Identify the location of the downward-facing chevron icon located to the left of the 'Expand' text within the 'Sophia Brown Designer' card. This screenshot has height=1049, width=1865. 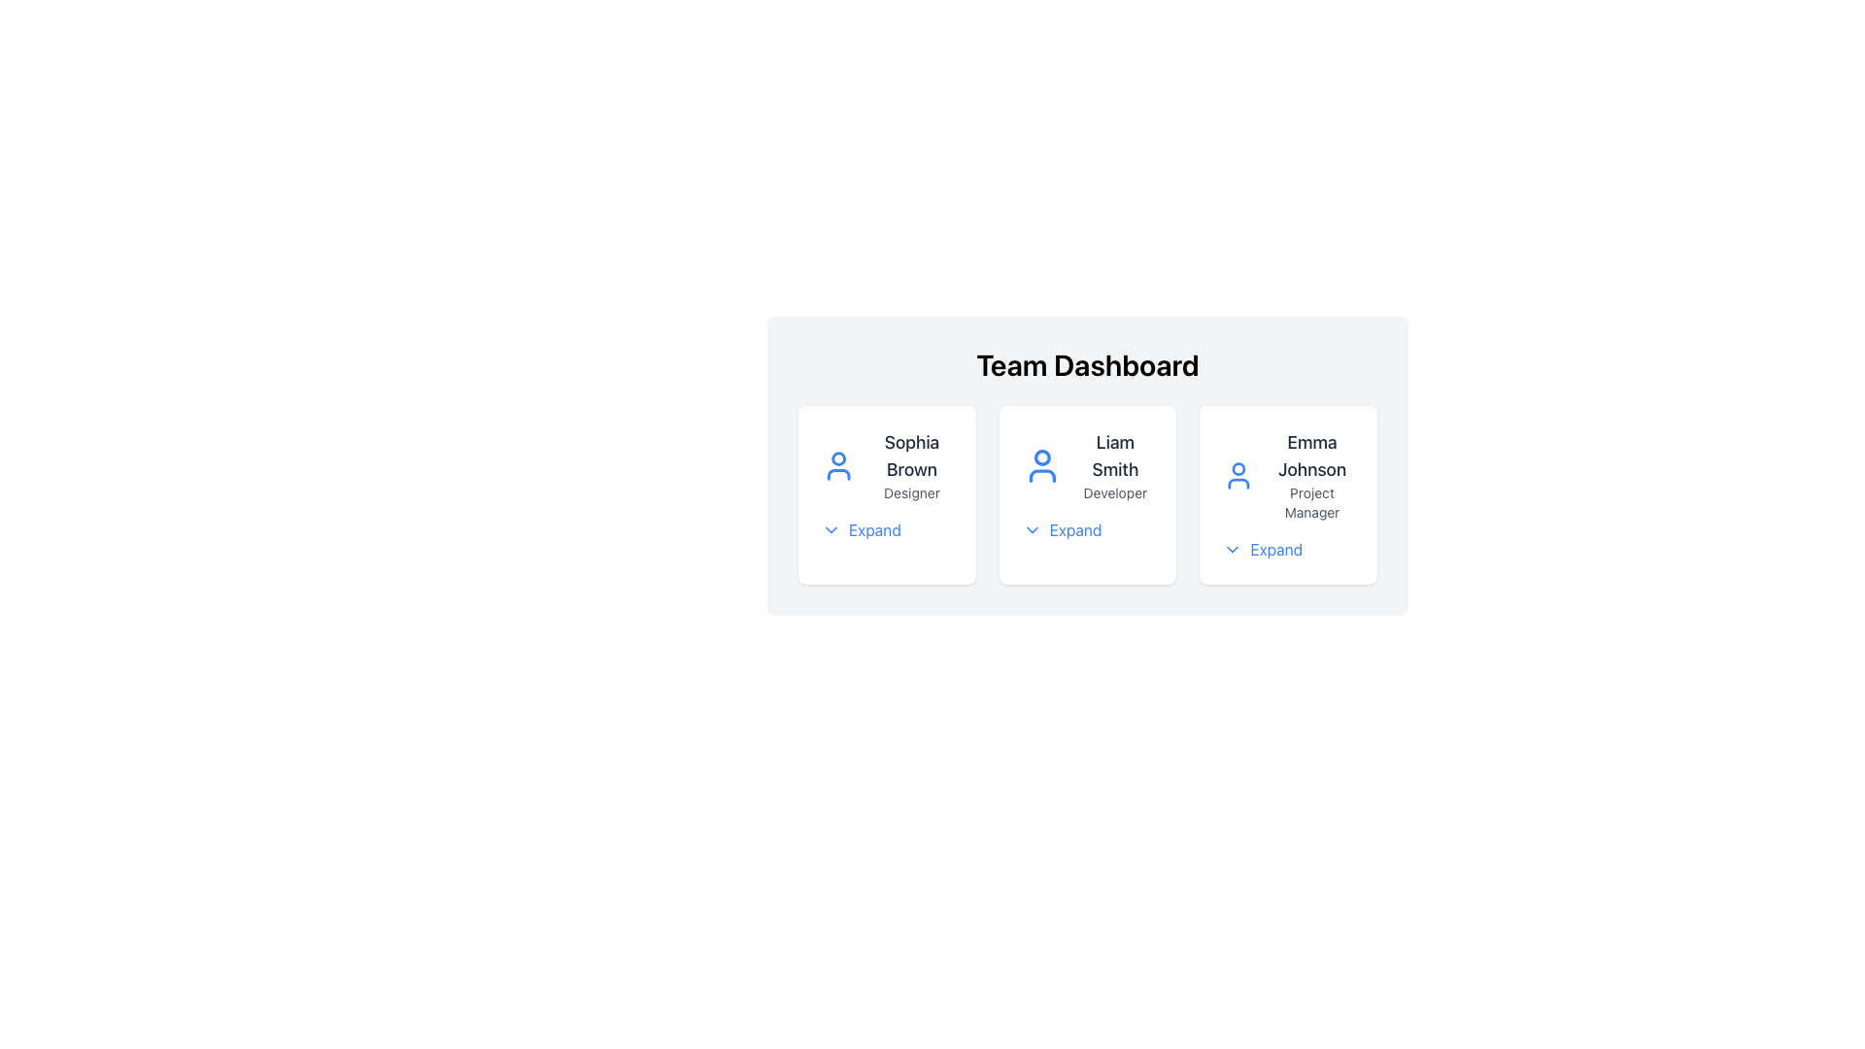
(831, 530).